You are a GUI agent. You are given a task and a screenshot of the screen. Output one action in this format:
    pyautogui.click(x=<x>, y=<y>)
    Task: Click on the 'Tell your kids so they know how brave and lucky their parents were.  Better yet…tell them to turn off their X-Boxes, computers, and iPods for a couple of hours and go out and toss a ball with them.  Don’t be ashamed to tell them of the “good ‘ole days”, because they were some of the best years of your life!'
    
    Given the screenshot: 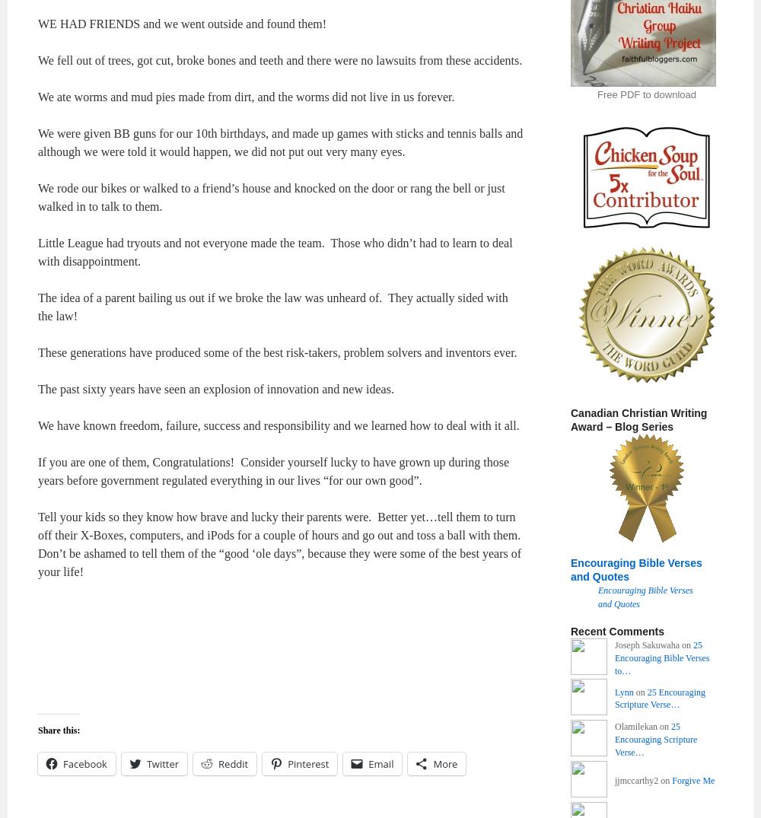 What is the action you would take?
    pyautogui.click(x=280, y=543)
    